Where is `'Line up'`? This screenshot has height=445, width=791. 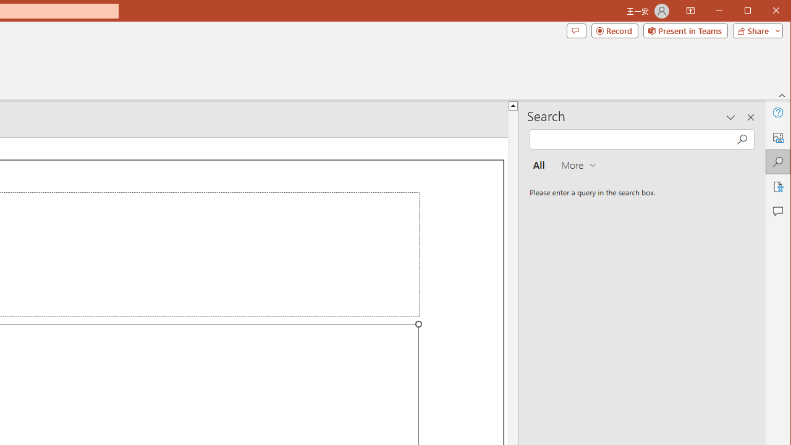 'Line up' is located at coordinates (513, 104).